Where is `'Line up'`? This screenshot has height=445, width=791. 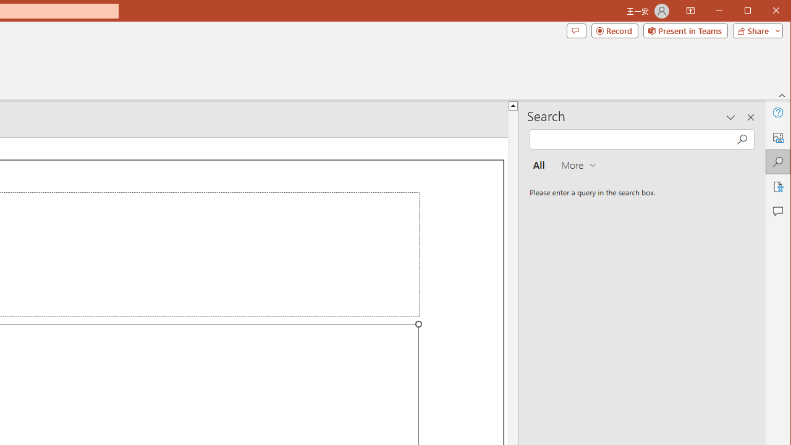 'Line up' is located at coordinates (513, 104).